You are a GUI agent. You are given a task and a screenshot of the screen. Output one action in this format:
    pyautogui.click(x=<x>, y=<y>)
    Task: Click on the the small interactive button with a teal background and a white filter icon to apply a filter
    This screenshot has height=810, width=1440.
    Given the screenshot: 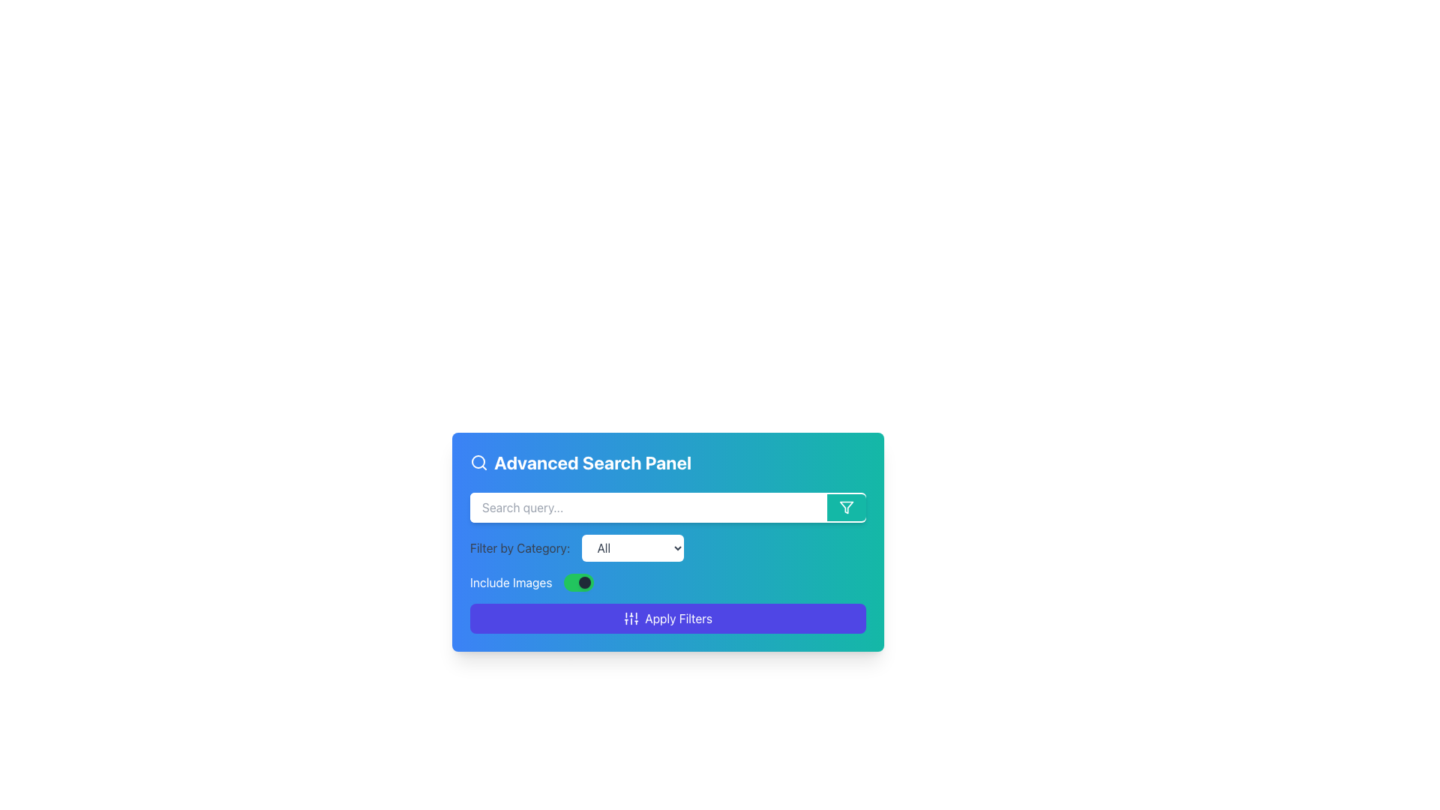 What is the action you would take?
    pyautogui.click(x=846, y=507)
    